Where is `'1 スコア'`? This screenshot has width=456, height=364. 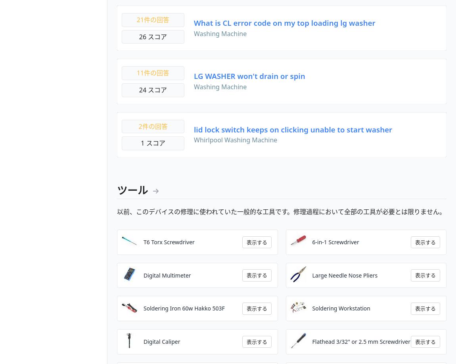
'1 スコア' is located at coordinates (141, 143).